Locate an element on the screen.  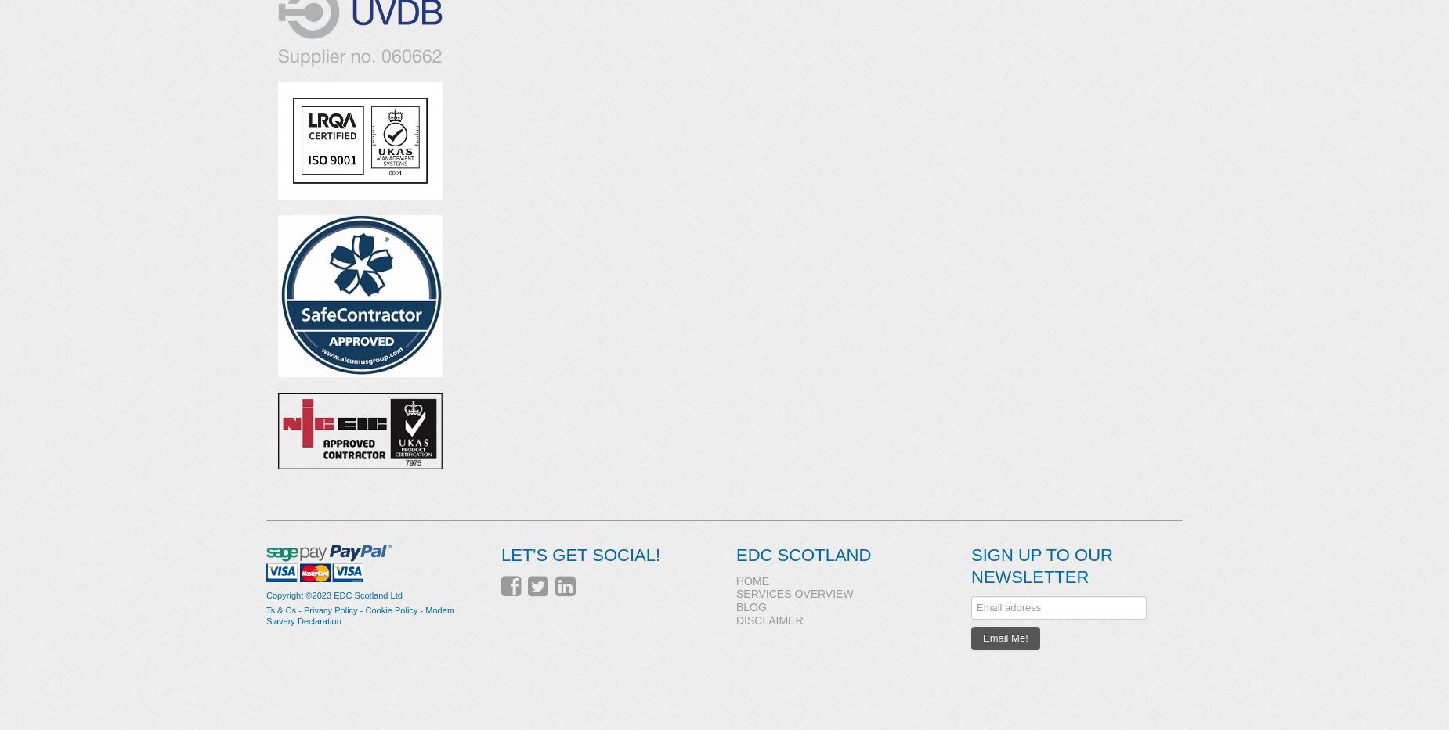
'Let's Get Social!' is located at coordinates (580, 555).